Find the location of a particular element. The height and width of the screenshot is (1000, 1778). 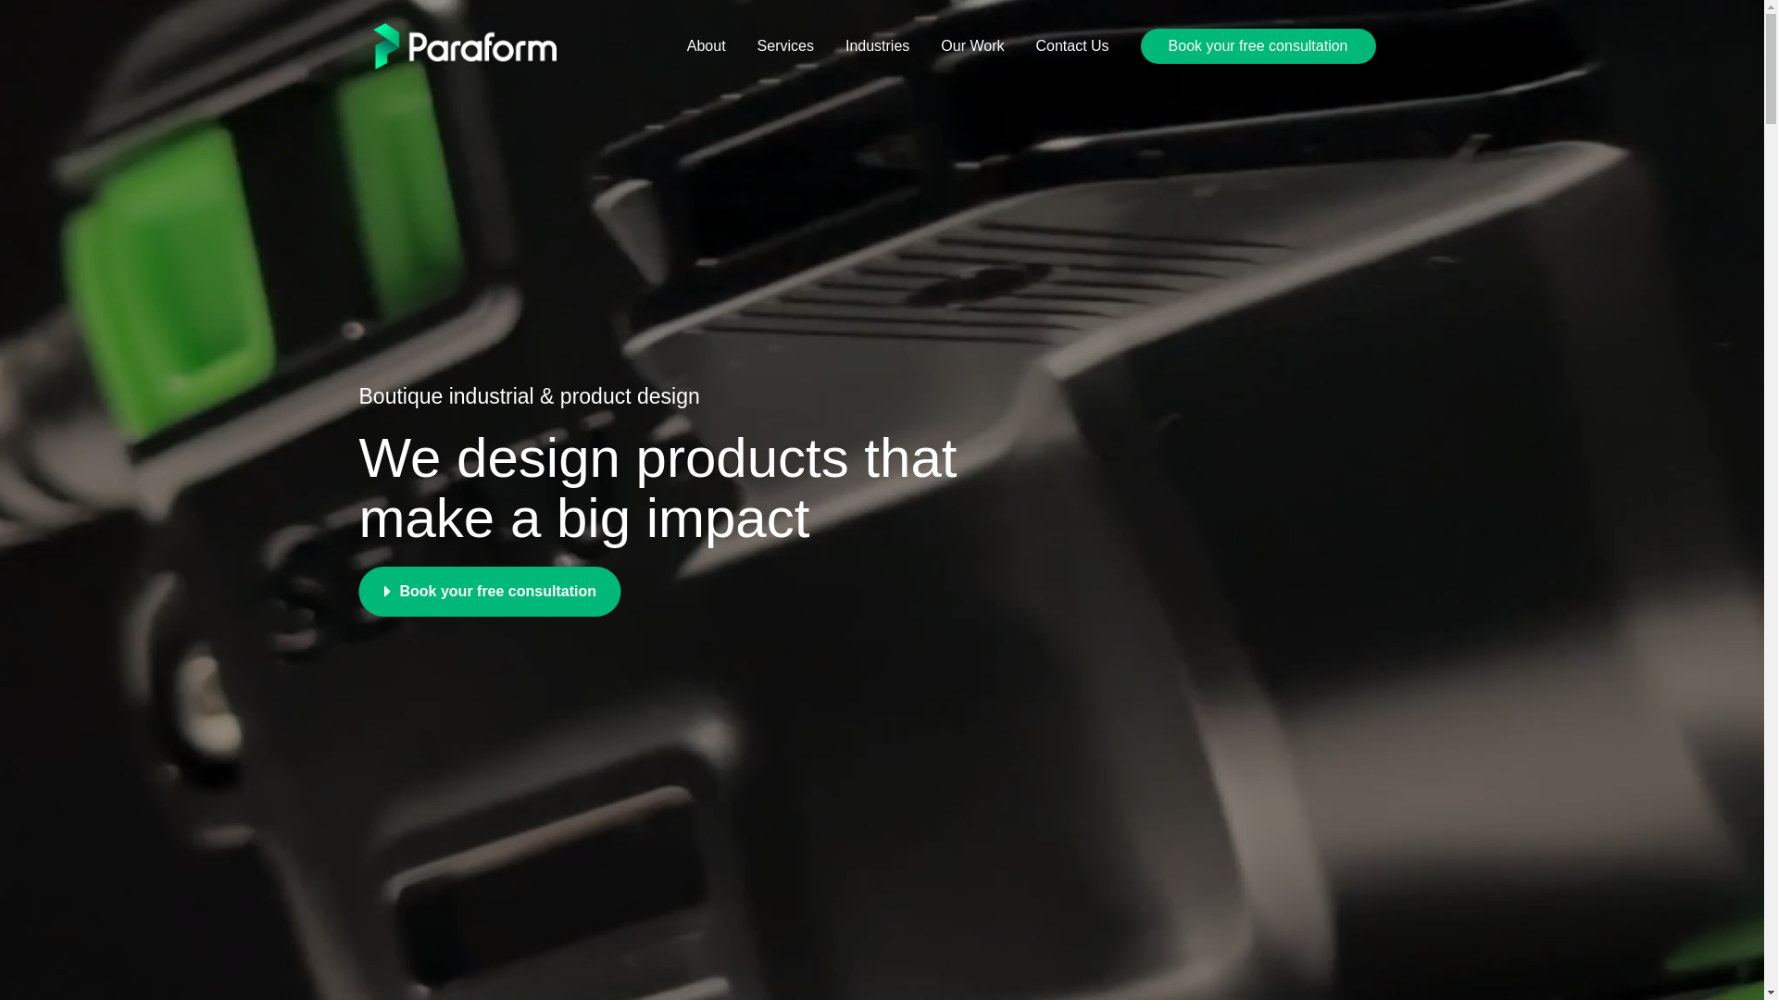

'Industries' is located at coordinates (876, 45).